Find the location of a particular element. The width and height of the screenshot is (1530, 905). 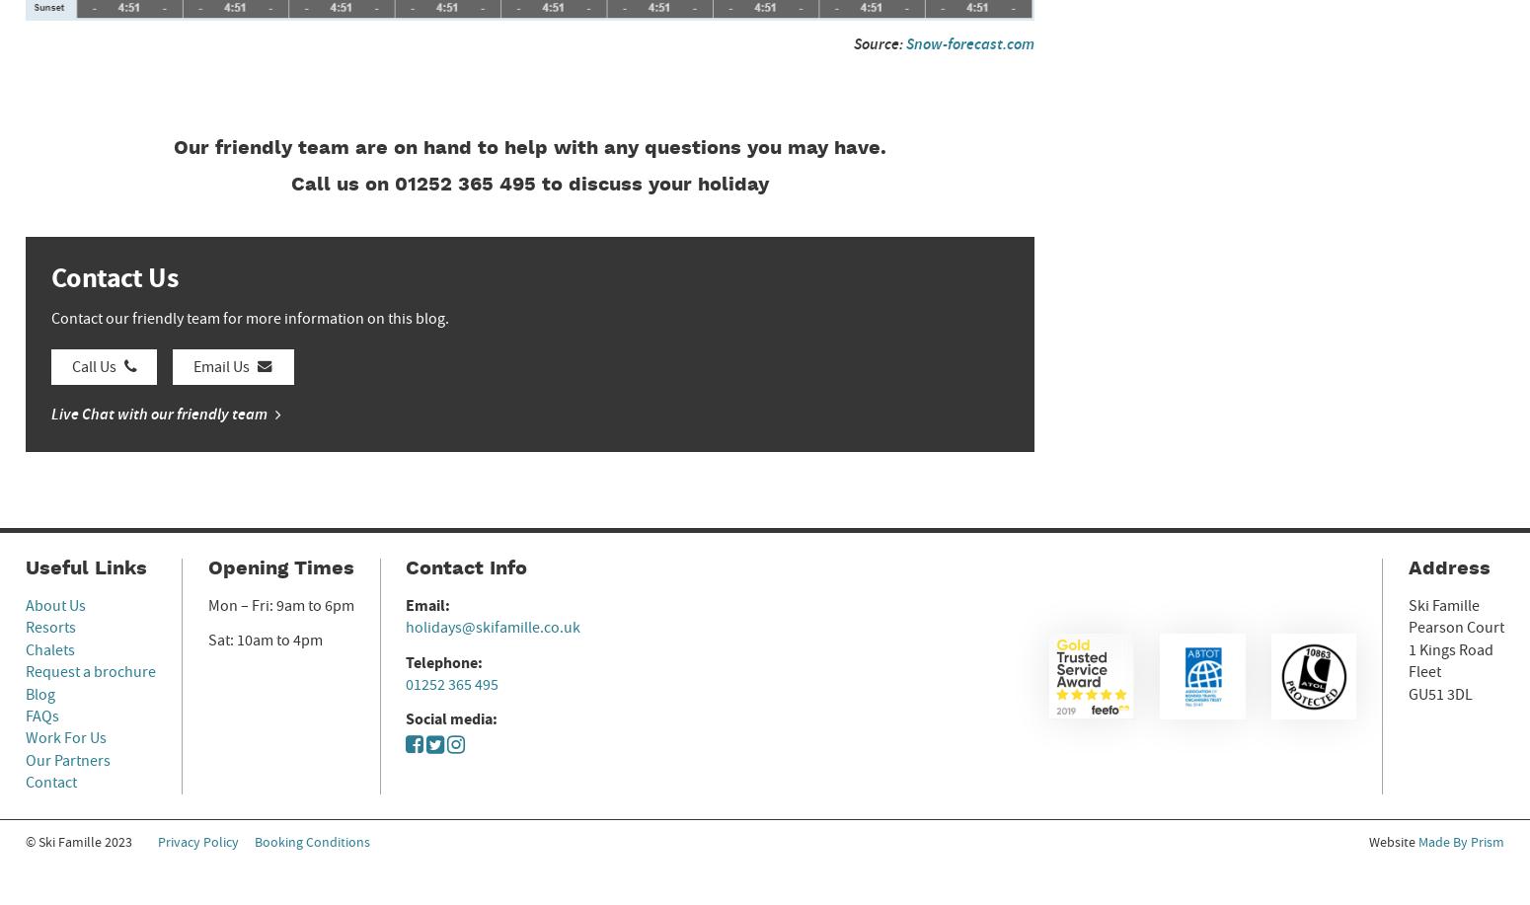

'Opening Times' is located at coordinates (279, 569).